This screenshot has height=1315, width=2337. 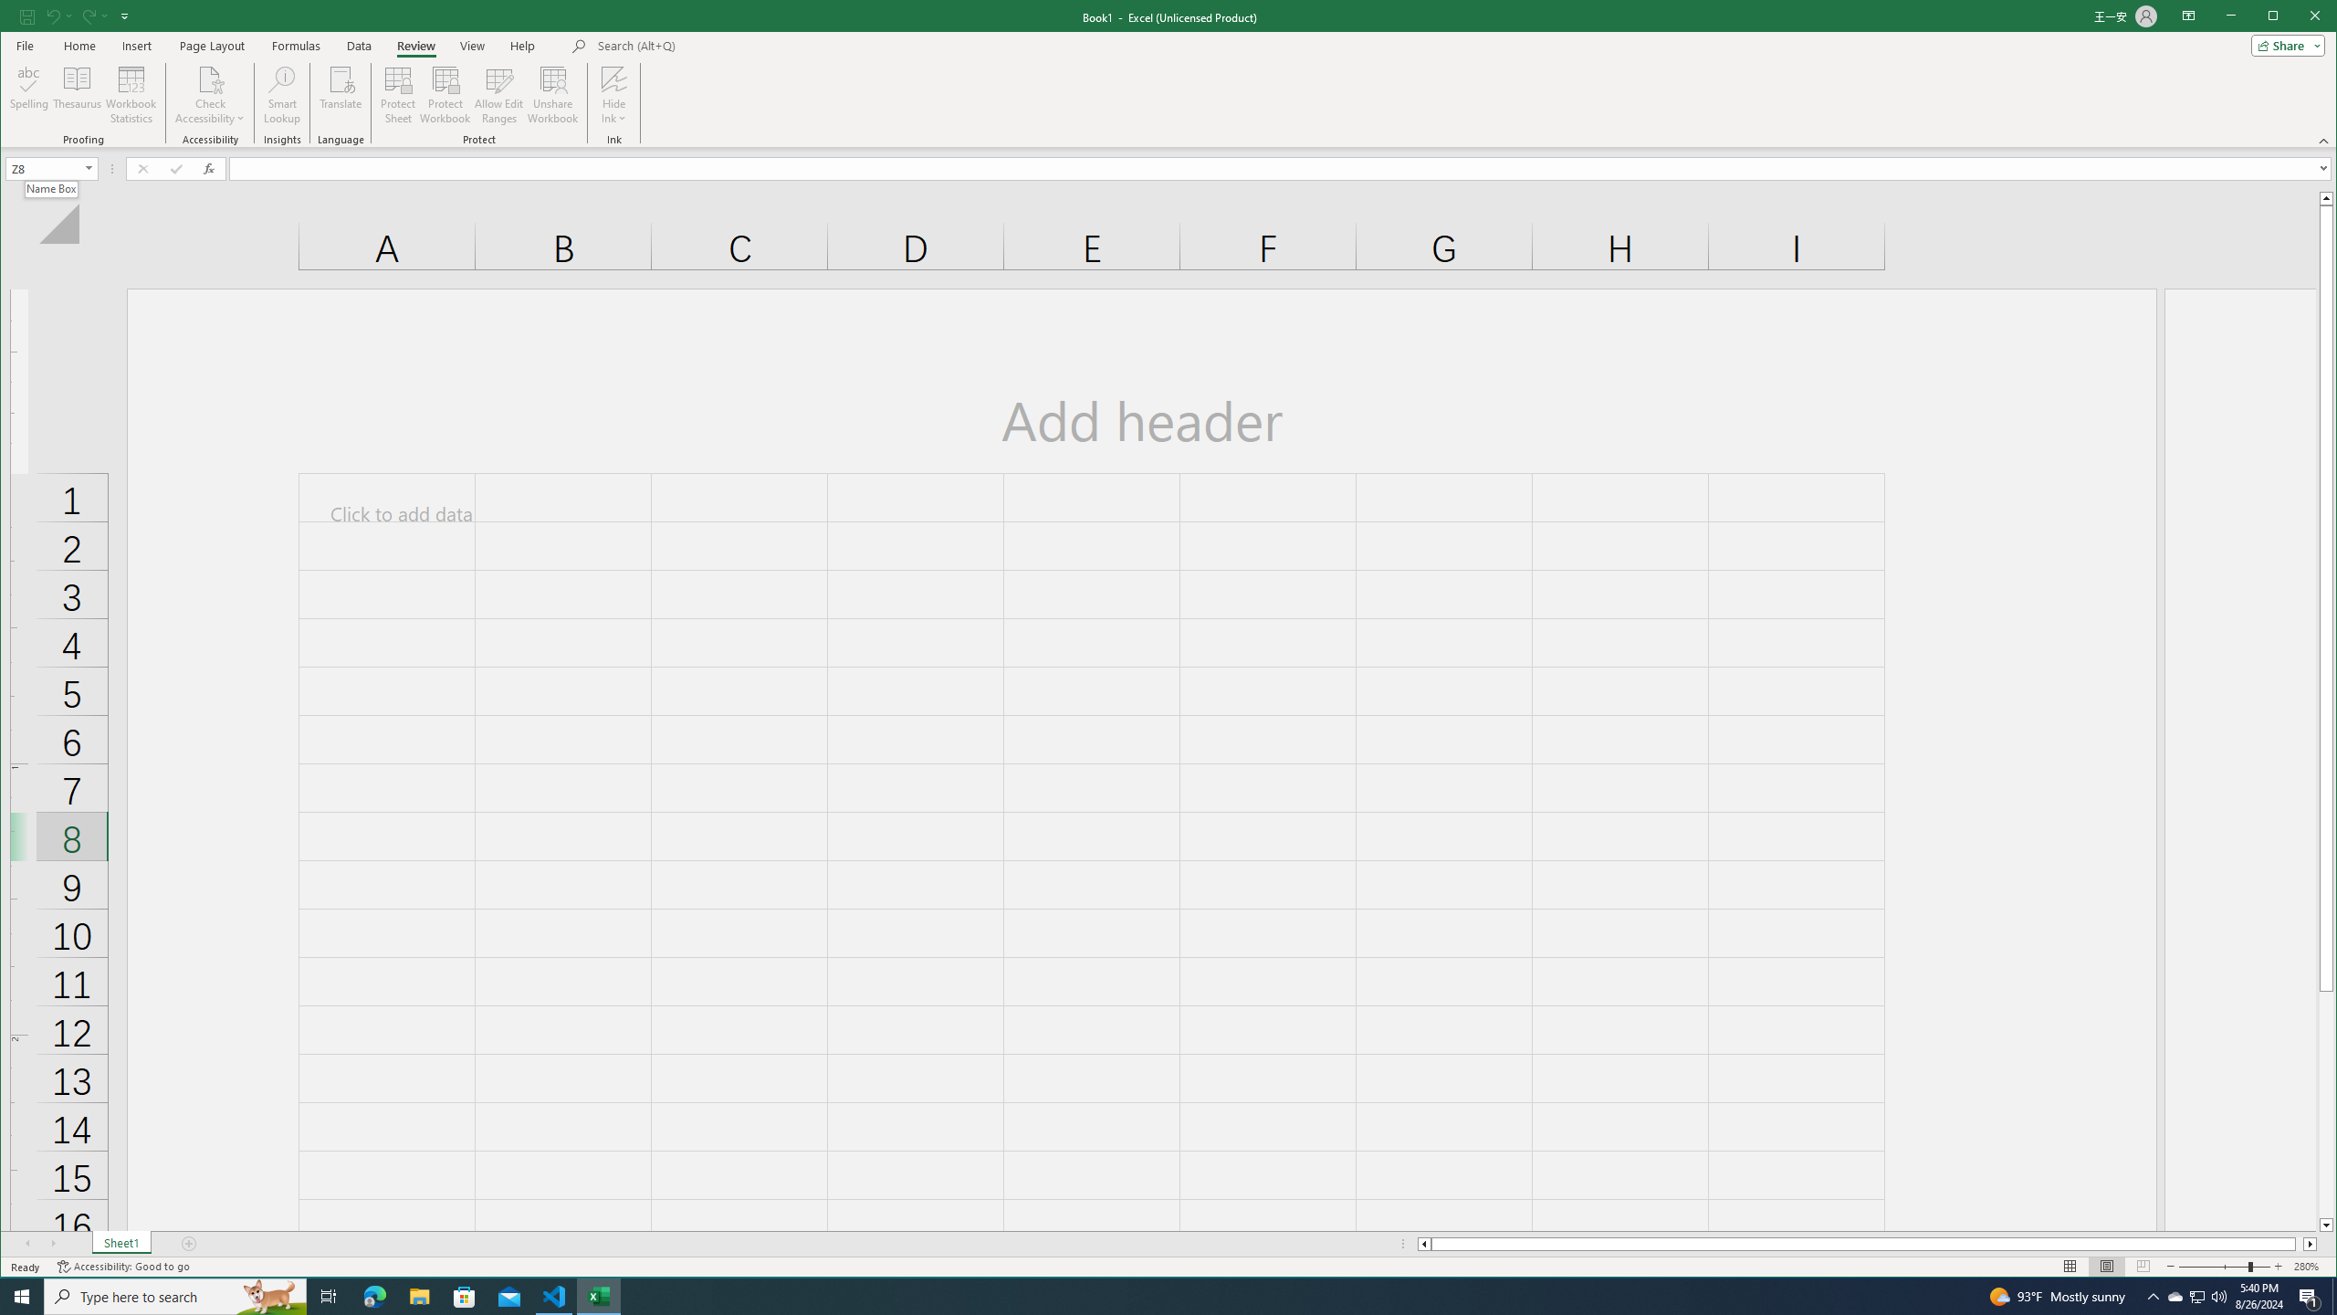 I want to click on 'File Explorer', so click(x=418, y=1295).